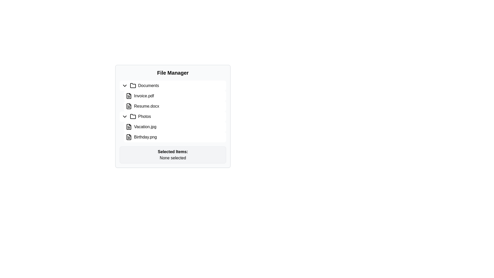 The height and width of the screenshot is (278, 494). Describe the element at coordinates (129, 137) in the screenshot. I see `the file icon representing a document in the file manager interface, which is positioned directly before the text label 'Birthday.png'` at that location.